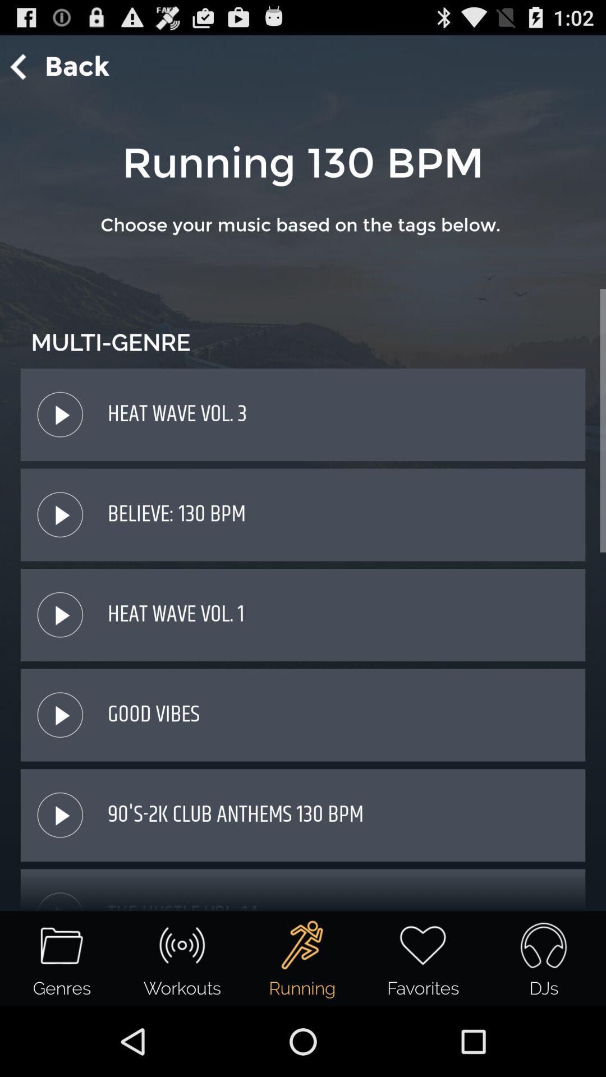 This screenshot has height=1077, width=606. What do you see at coordinates (423, 958) in the screenshot?
I see `the favourites icon which is at the bottom` at bounding box center [423, 958].